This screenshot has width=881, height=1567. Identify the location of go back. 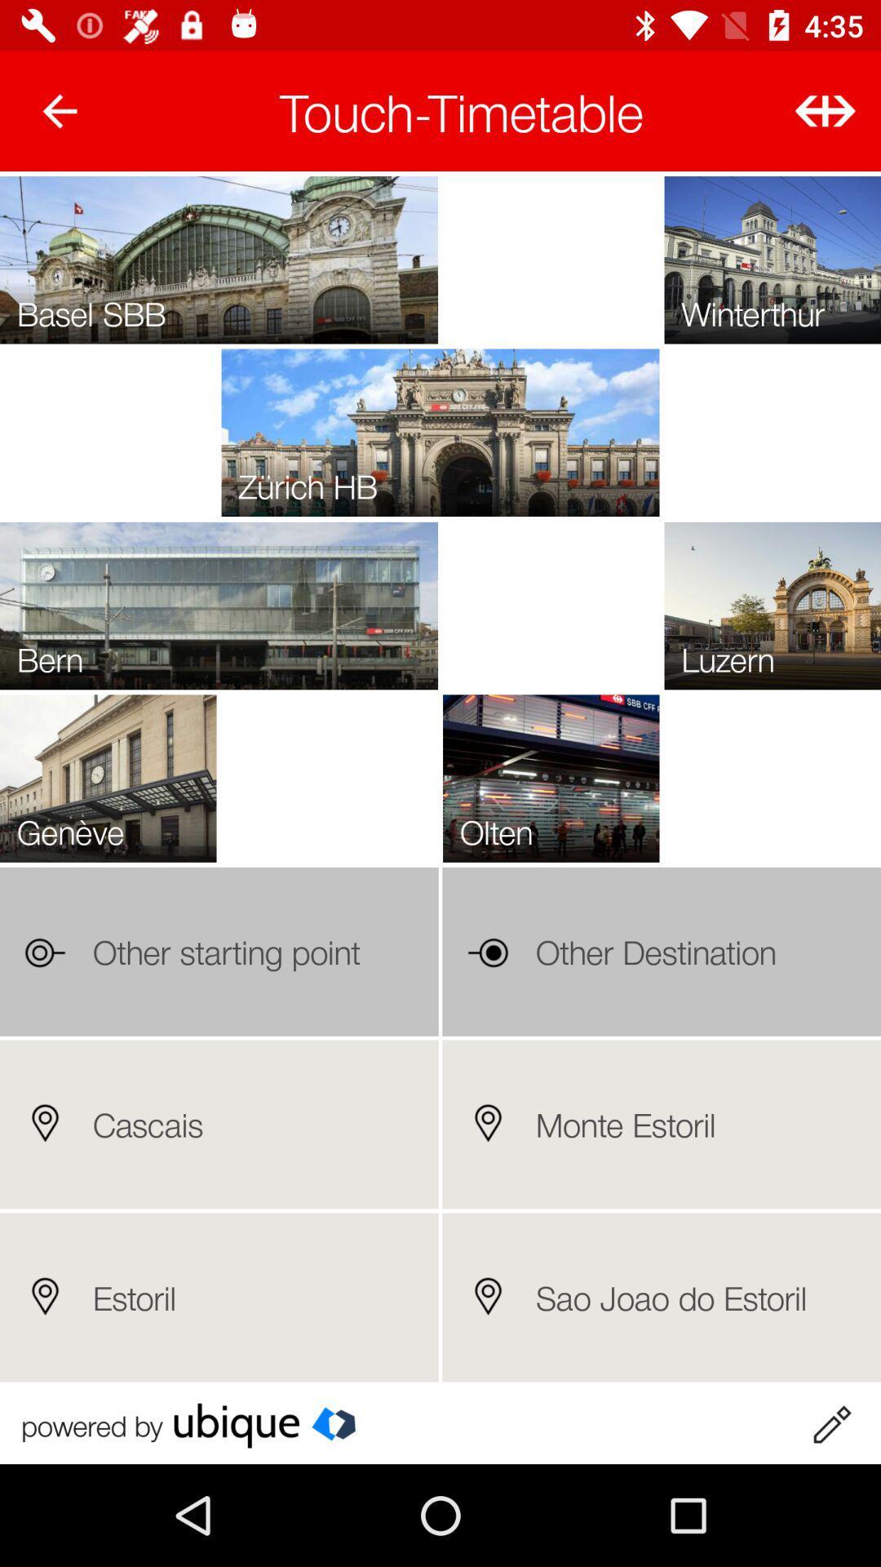
(59, 110).